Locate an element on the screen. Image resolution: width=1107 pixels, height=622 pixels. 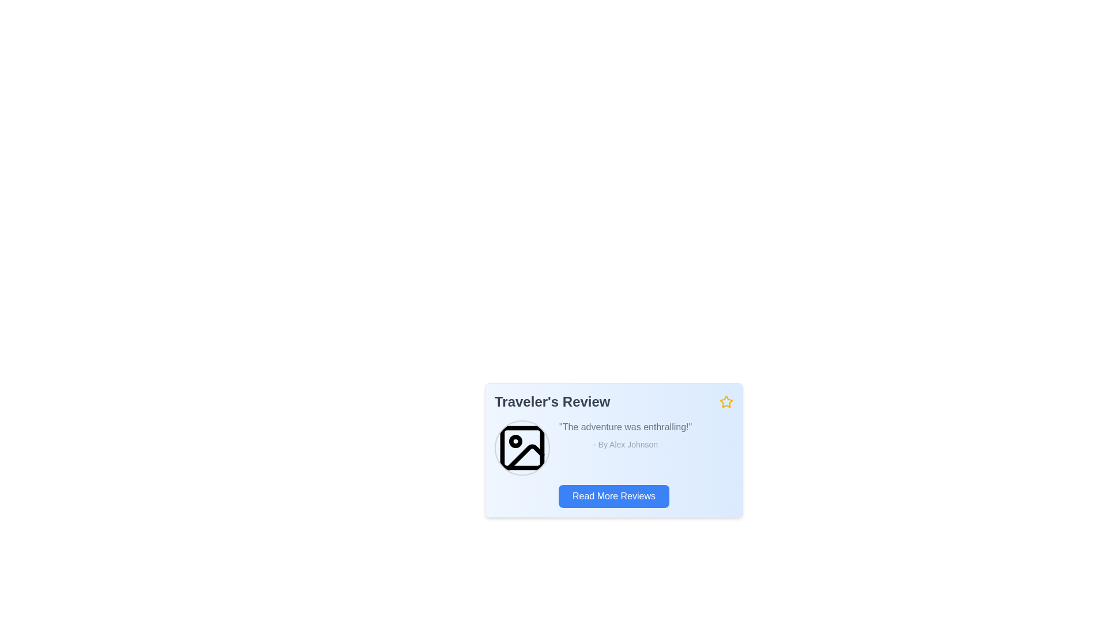
small text snippet '- By Alex Johnson' which is gray-colored and positioned under the larger testimonial text within the review card is located at coordinates (624, 443).